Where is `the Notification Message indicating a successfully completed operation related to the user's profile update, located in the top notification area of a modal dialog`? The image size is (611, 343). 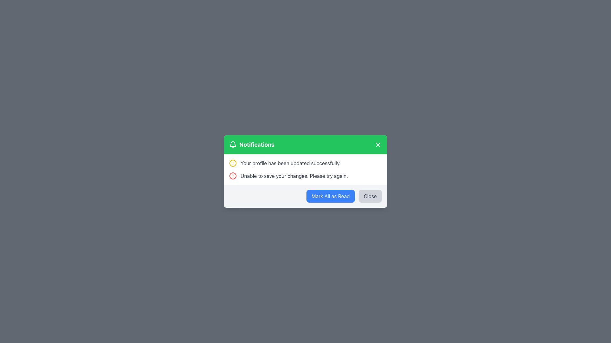
the Notification Message indicating a successfully completed operation related to the user's profile update, located in the top notification area of a modal dialog is located at coordinates (305, 163).